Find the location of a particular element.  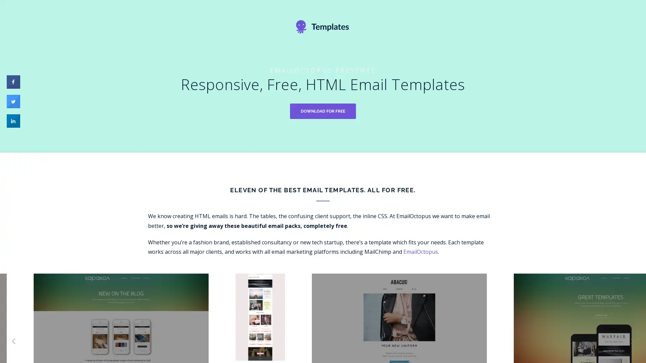

Next is located at coordinates (632, 341).